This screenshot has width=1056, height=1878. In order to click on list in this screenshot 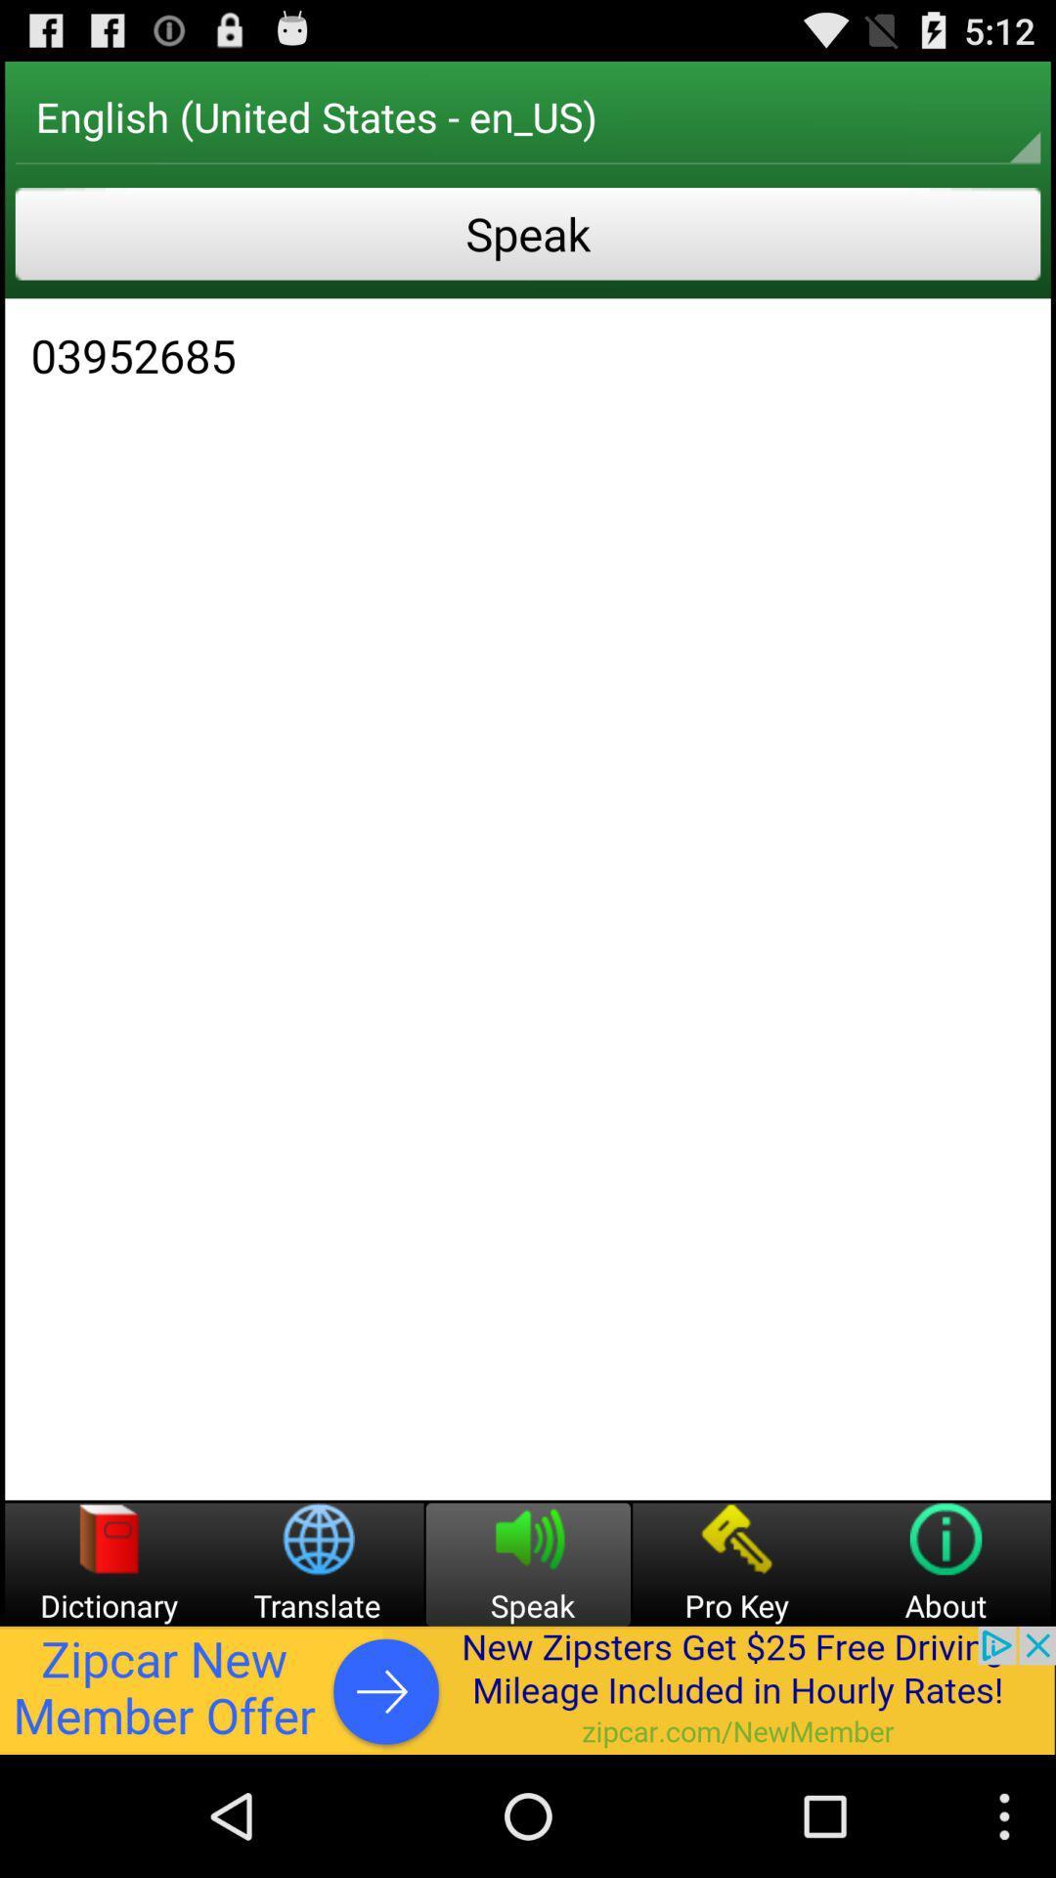, I will do `click(528, 1689)`.